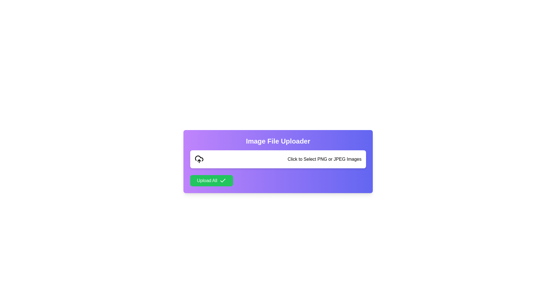 This screenshot has height=304, width=541. Describe the element at coordinates (199, 159) in the screenshot. I see `the outlined cloud icon with an upward arrow indicating an upload action, located to the left of the input field labeled 'Click to Select PNG or JPEG Images'` at that location.